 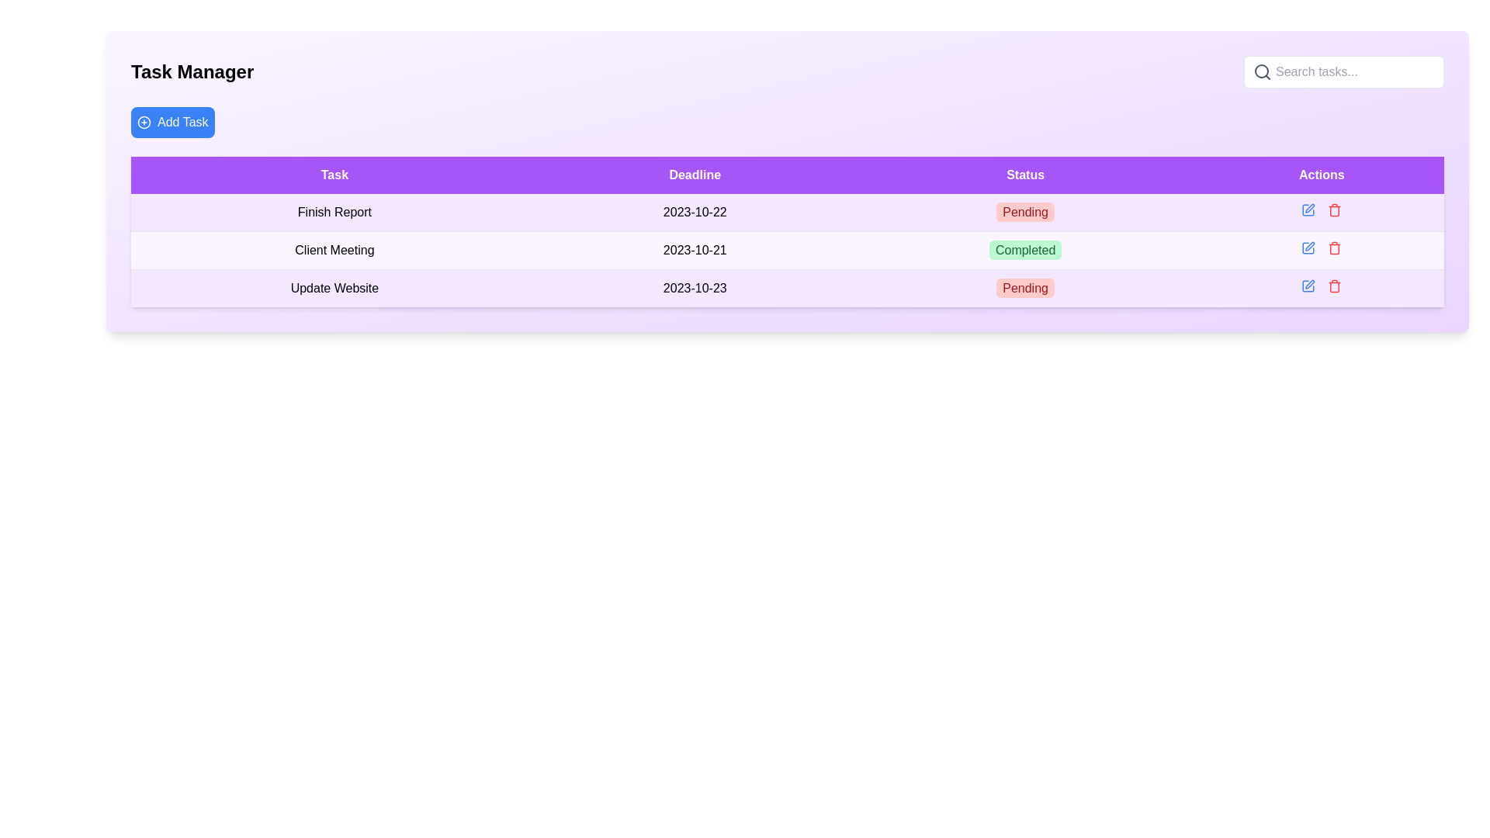 I want to click on the edit pen icon located in the 'Actions' column of the 'Task Manager' interface, so click(x=1308, y=286).